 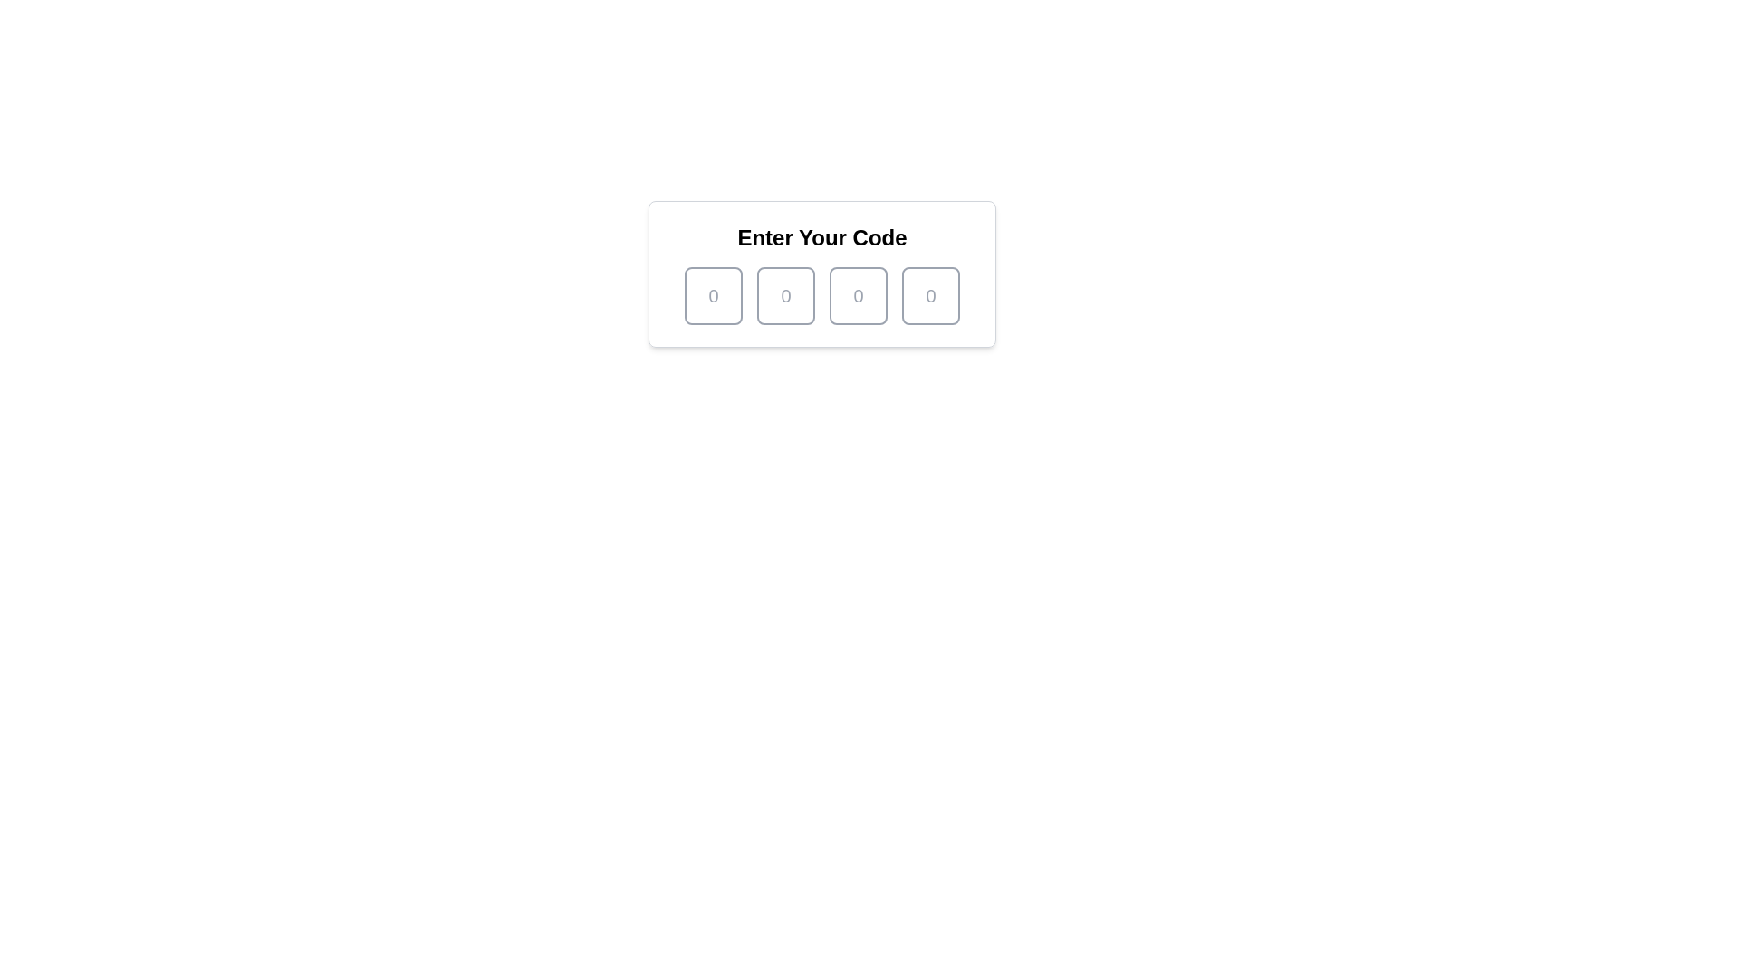 I want to click on the fourth text input box with a grey border and white background to focus the input, so click(x=930, y=295).